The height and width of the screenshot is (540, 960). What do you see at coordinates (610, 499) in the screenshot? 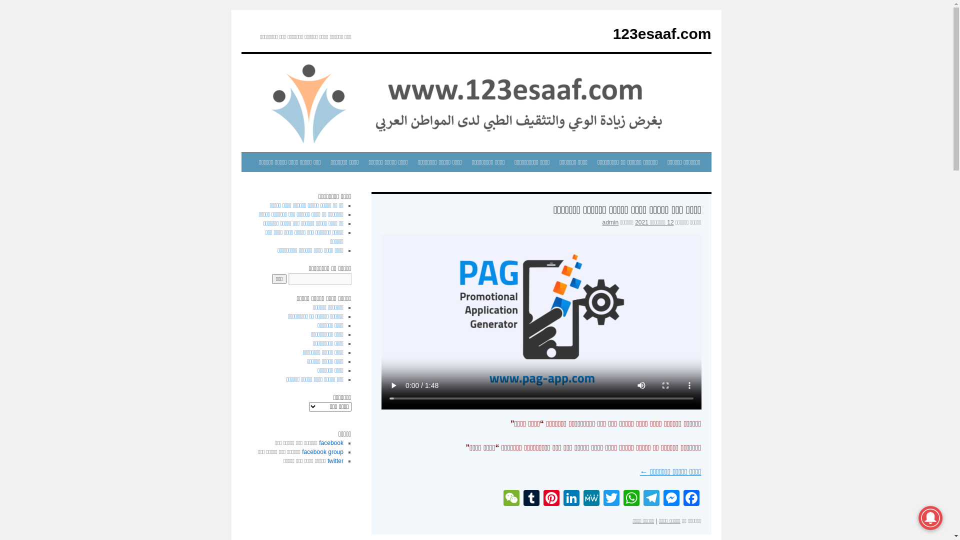
I see `'Twitter'` at bounding box center [610, 499].